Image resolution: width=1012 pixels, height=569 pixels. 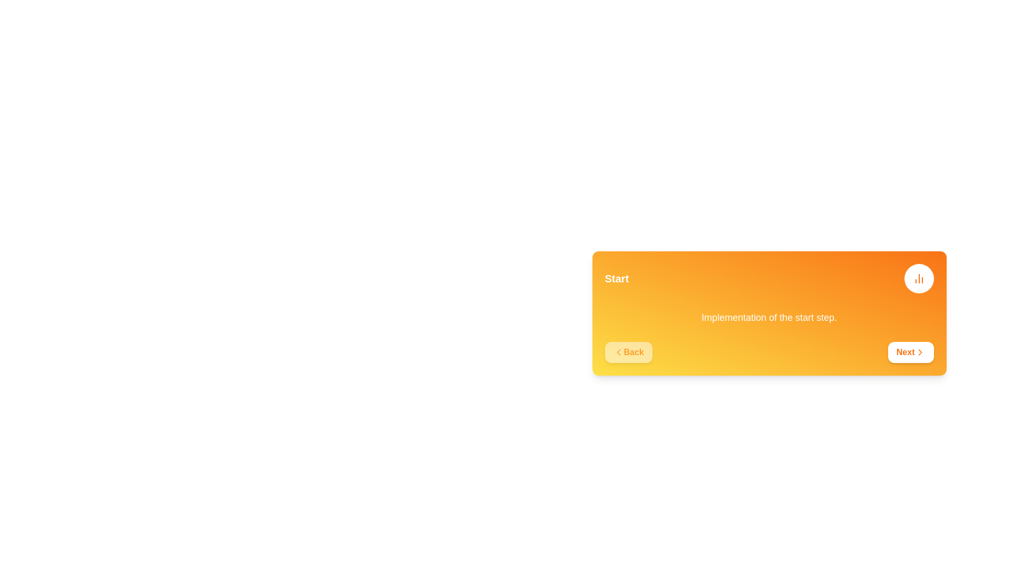 What do you see at coordinates (919, 352) in the screenshot?
I see `the right-pointing chevron icon within the 'Next' button located at the bottom-right corner of the orange gradient card` at bounding box center [919, 352].